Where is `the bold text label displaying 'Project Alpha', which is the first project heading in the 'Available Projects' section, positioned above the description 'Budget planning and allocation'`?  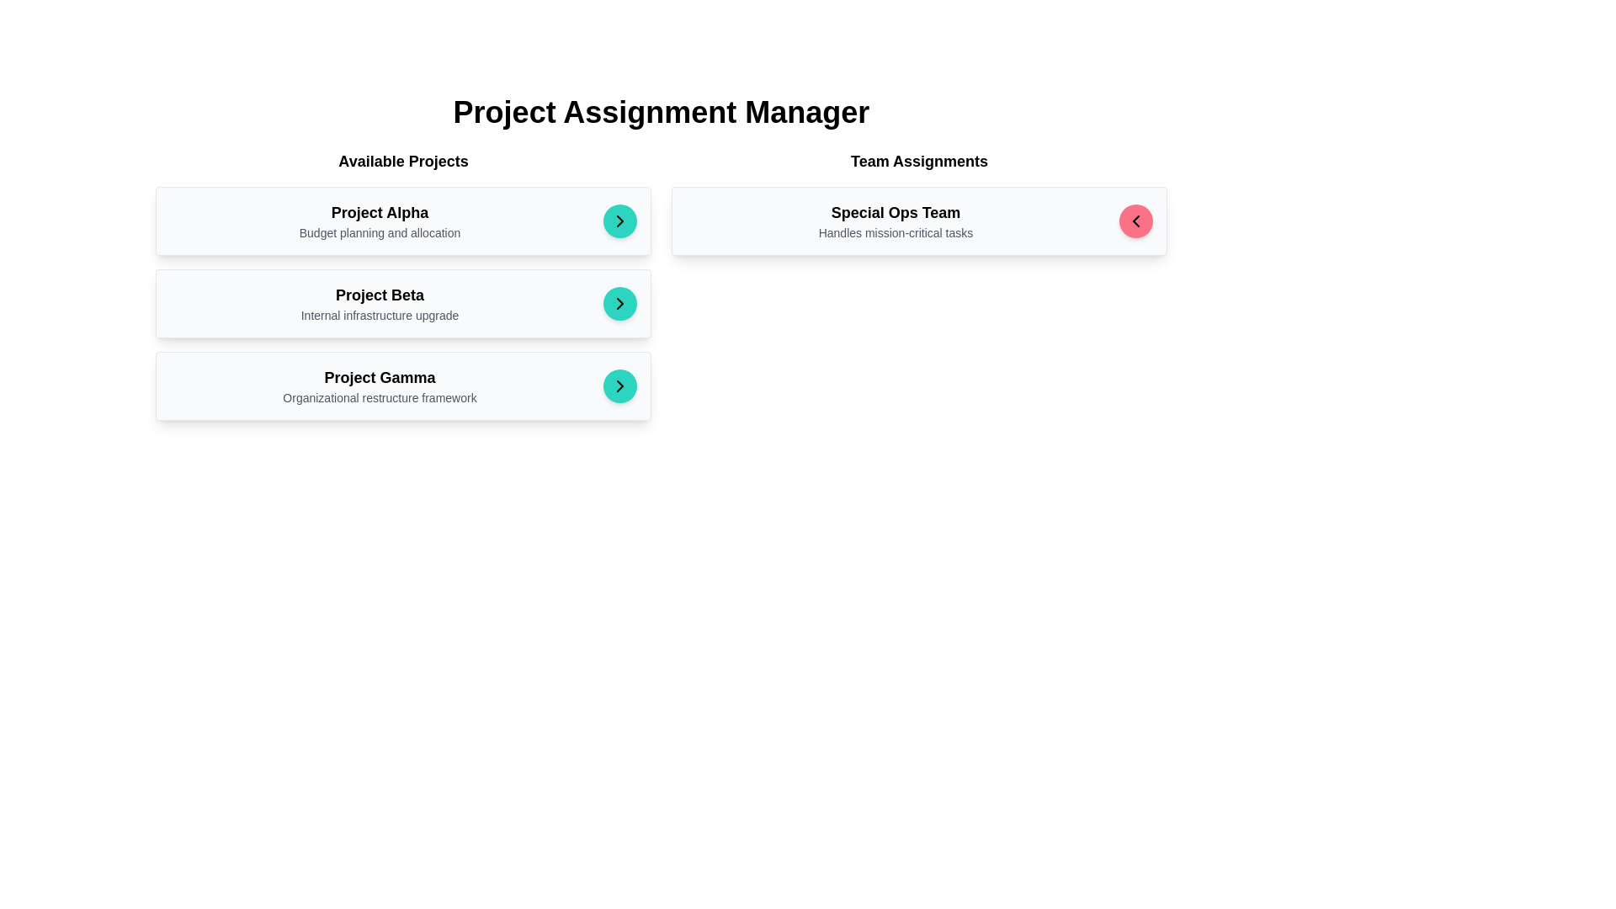
the bold text label displaying 'Project Alpha', which is the first project heading in the 'Available Projects' section, positioned above the description 'Budget planning and allocation' is located at coordinates (379, 212).